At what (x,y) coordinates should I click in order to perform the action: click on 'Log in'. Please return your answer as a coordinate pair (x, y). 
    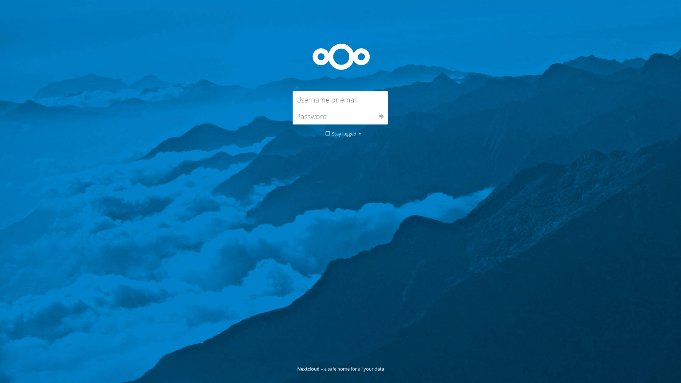
    Looking at the image, I should click on (374, 116).